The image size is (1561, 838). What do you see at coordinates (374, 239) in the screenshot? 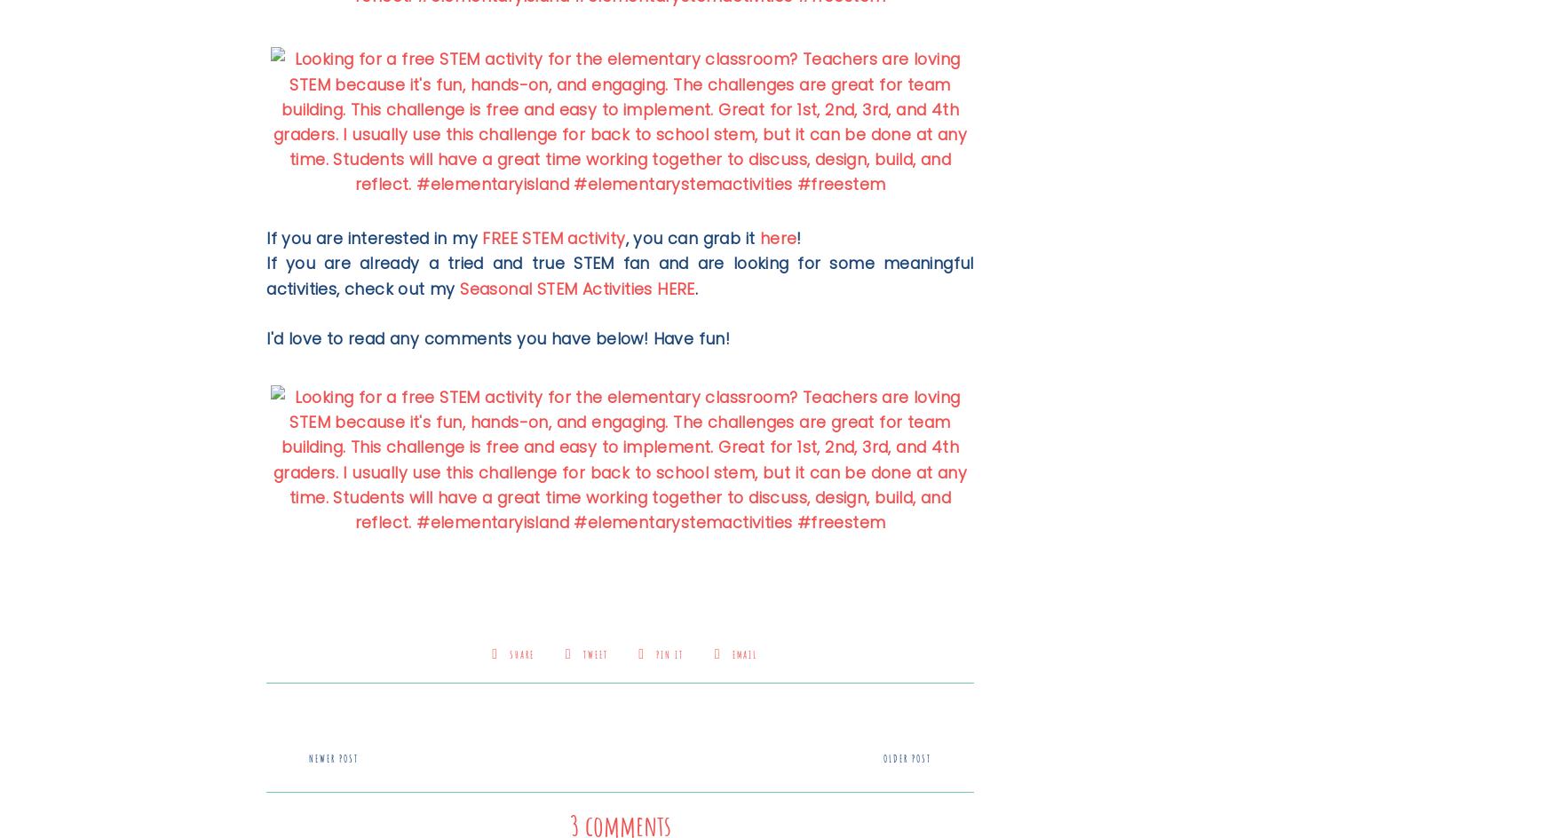
I see `'If you are interested in my'` at bounding box center [374, 239].